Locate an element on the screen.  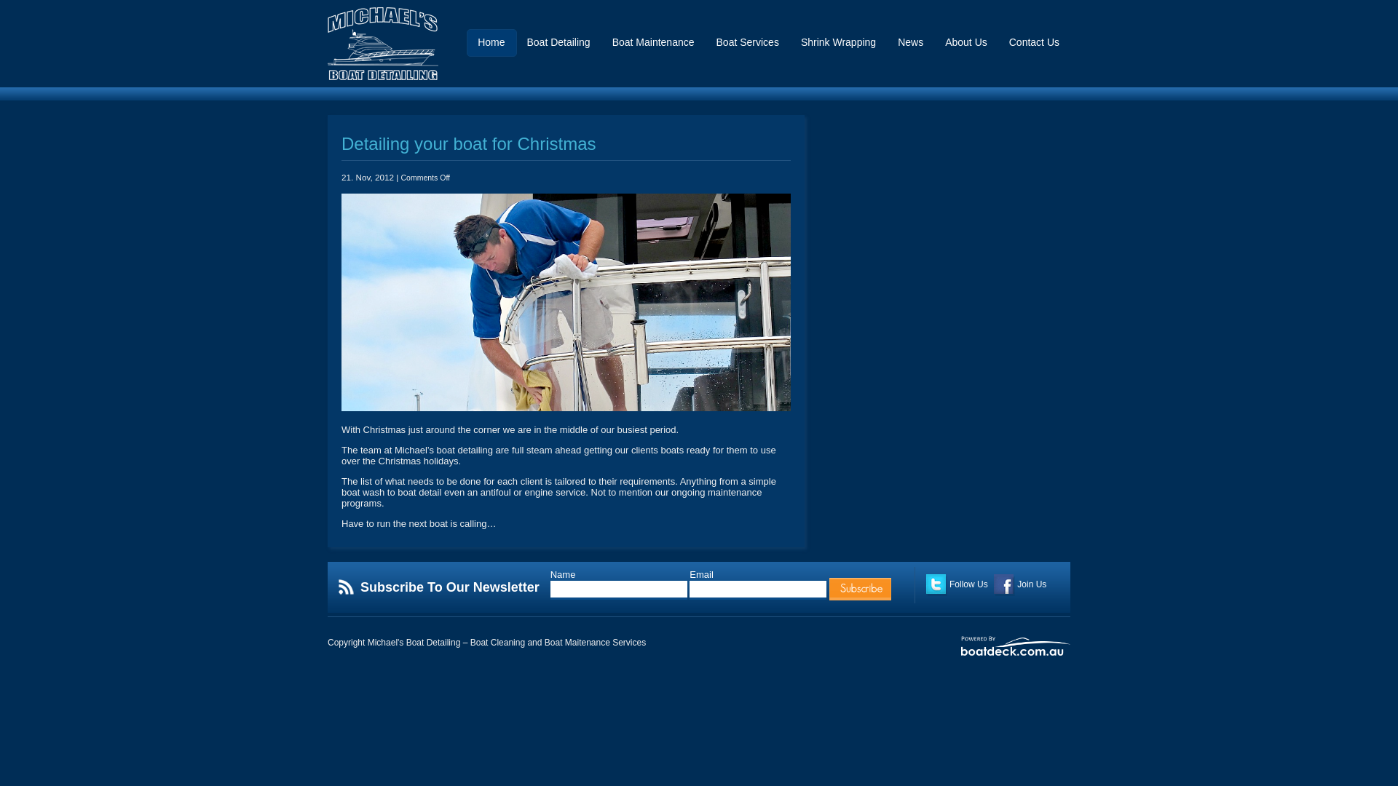
'About Us' is located at coordinates (965, 47).